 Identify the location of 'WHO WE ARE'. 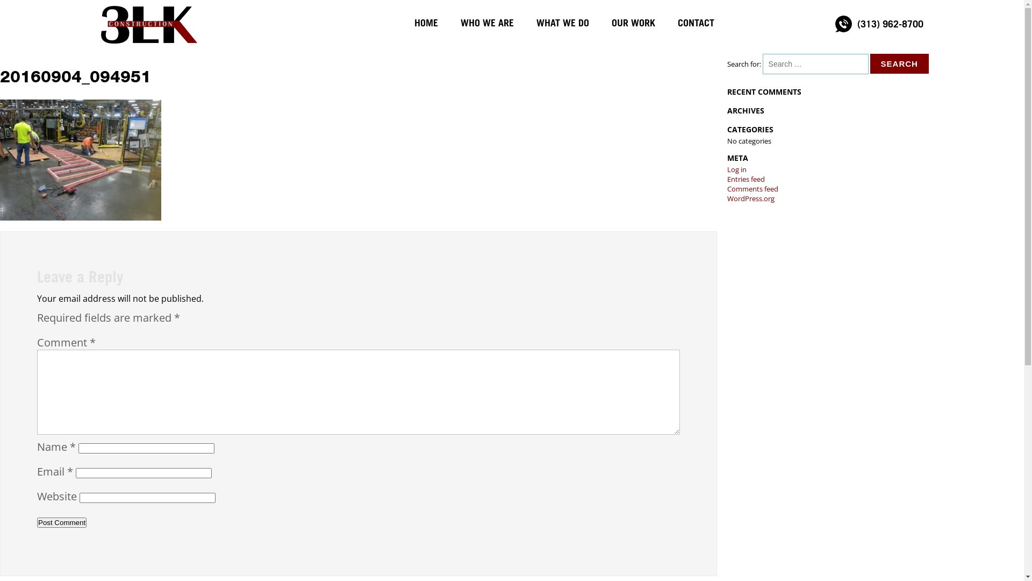
(486, 23).